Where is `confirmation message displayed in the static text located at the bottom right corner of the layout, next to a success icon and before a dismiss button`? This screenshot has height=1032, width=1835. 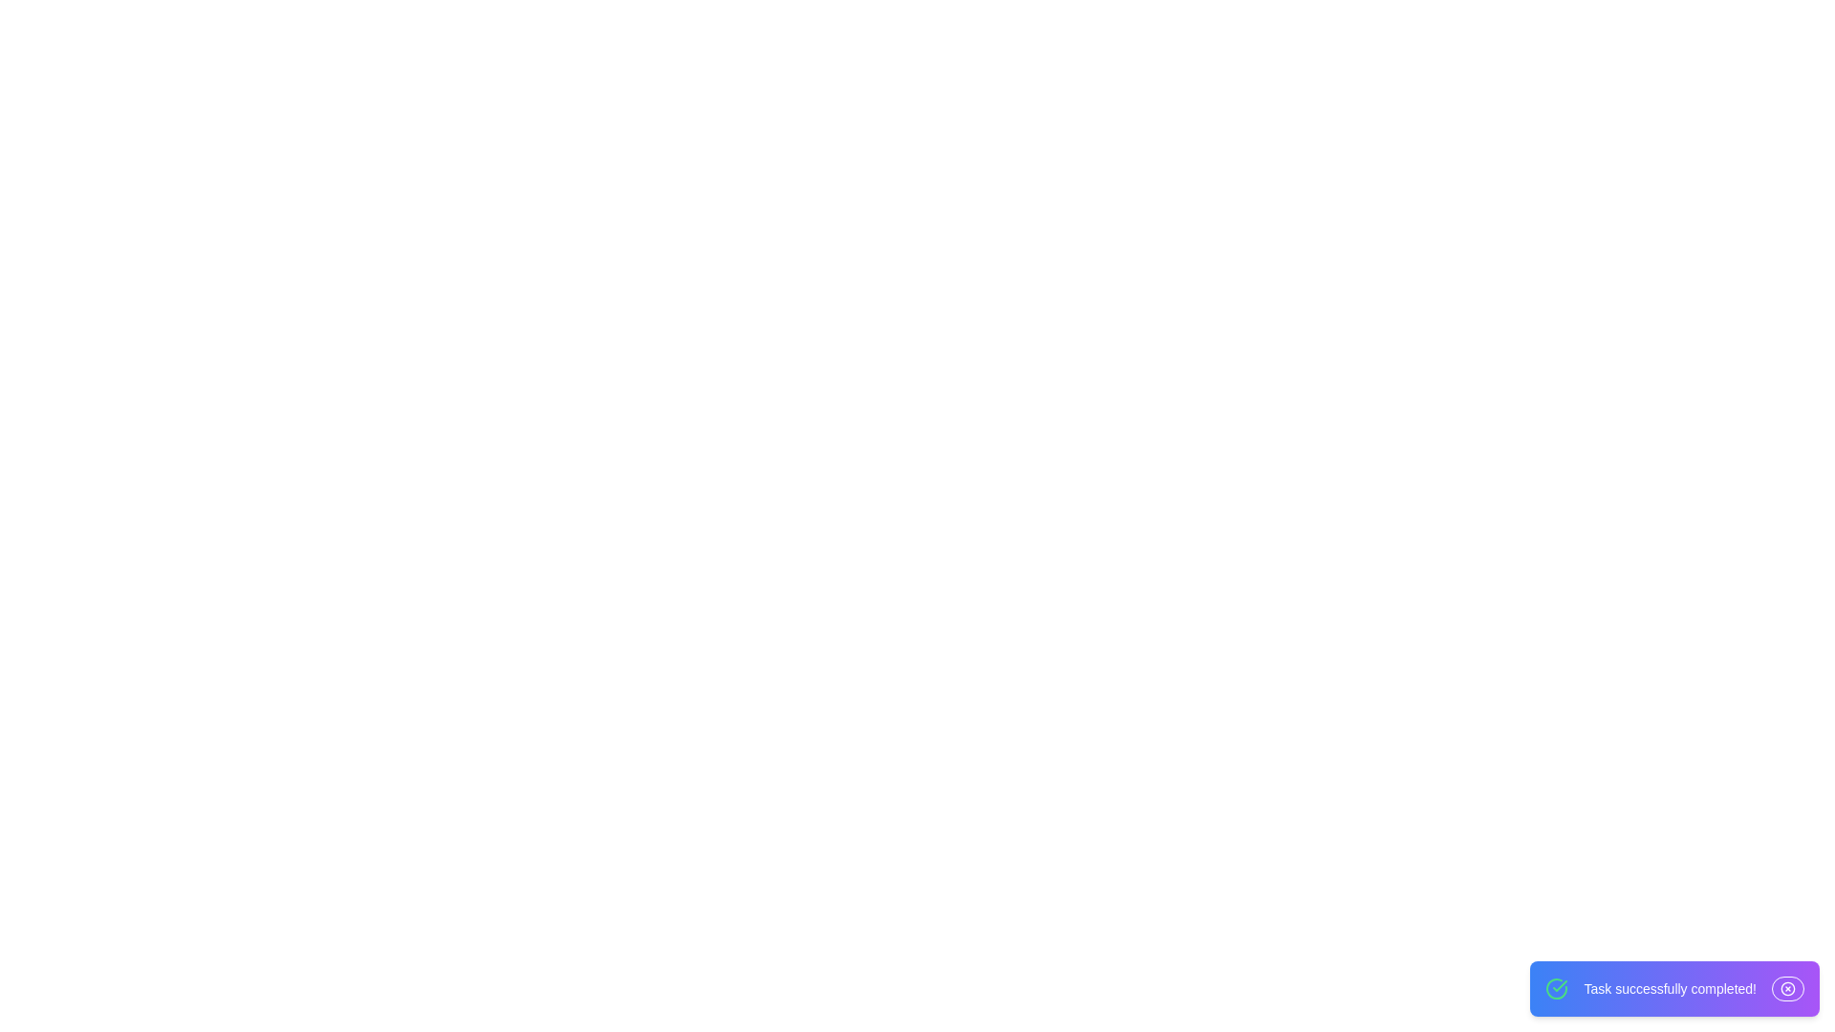
confirmation message displayed in the static text located at the bottom right corner of the layout, next to a success icon and before a dismiss button is located at coordinates (1669, 988).